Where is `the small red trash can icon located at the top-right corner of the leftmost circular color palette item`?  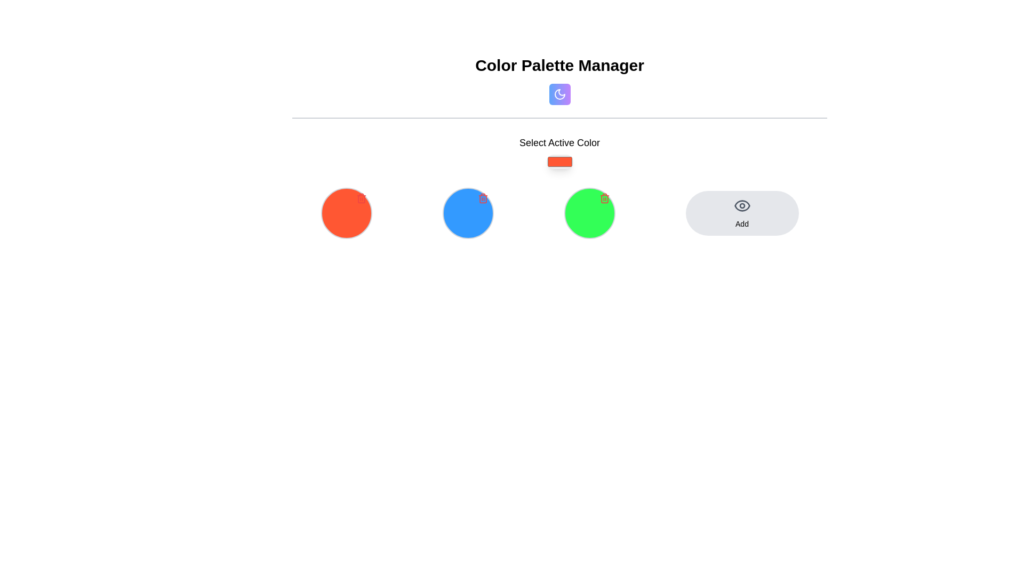 the small red trash can icon located at the top-right corner of the leftmost circular color palette item is located at coordinates (361, 198).